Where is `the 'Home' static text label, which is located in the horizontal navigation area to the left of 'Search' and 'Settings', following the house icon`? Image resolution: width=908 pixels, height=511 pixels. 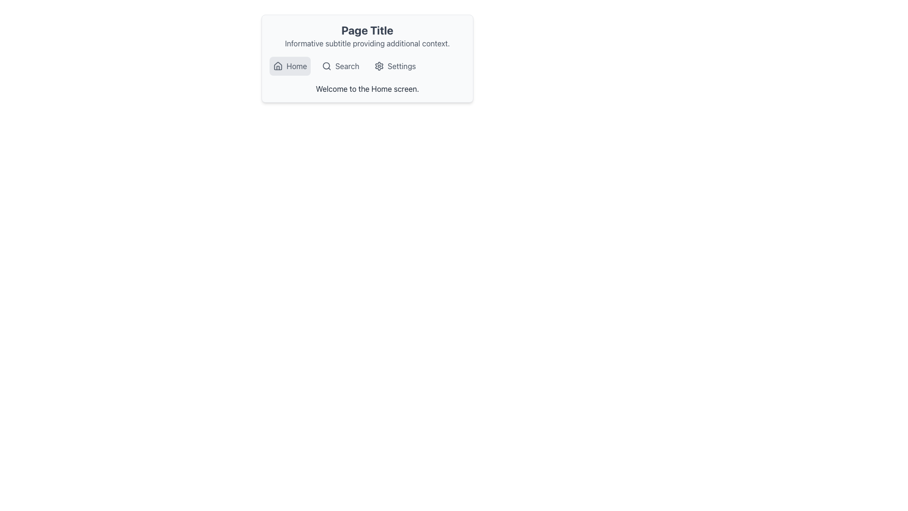 the 'Home' static text label, which is located in the horizontal navigation area to the left of 'Search' and 'Settings', following the house icon is located at coordinates (296, 65).